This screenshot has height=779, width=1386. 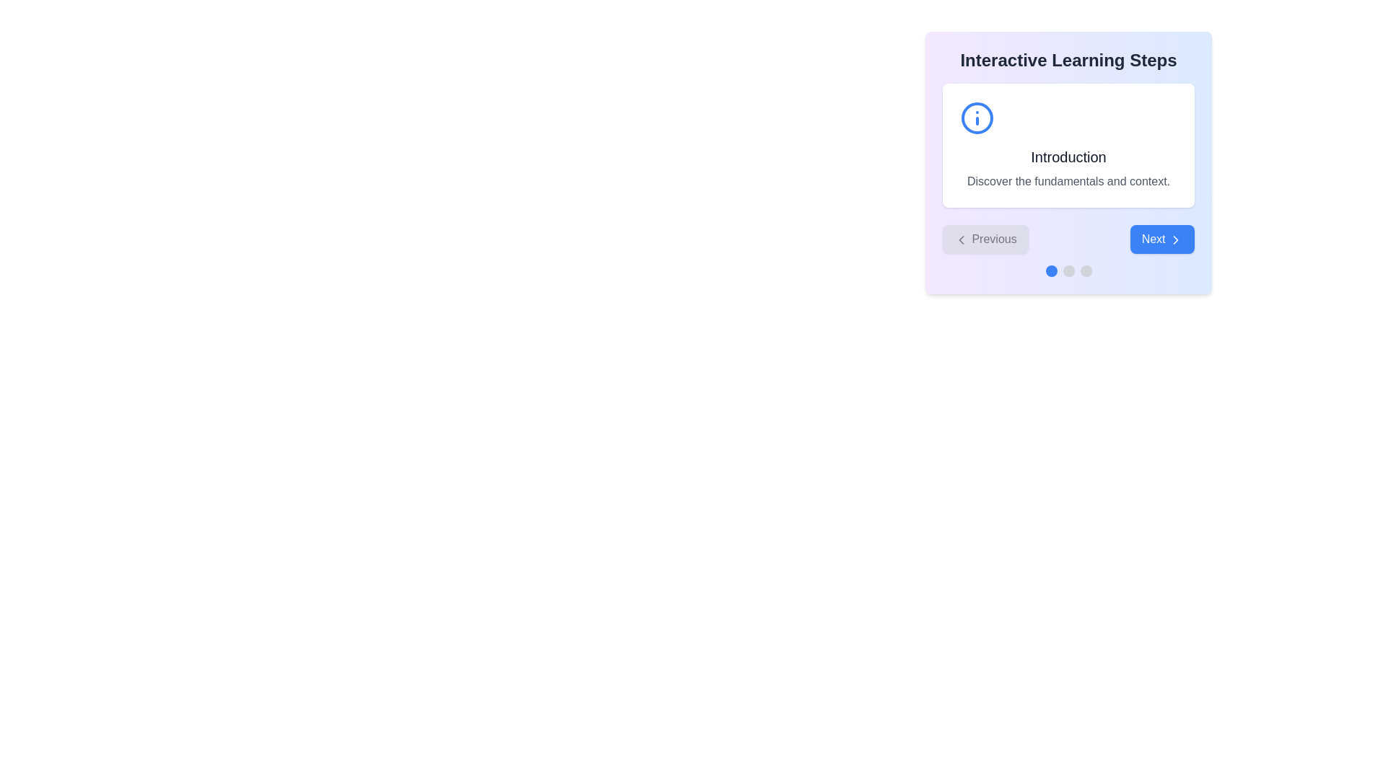 I want to click on the circular blue icon with an exclamation mark located in the upper left corner of the 'Interactive Learning Steps' card, positioned directly above the 'Introduction' title text, so click(x=977, y=118).